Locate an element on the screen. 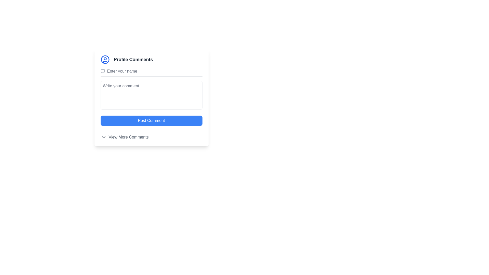 The width and height of the screenshot is (489, 275). the downward-pointing chevron icon located to the left of the 'View More Comments' text is located at coordinates (103, 137).